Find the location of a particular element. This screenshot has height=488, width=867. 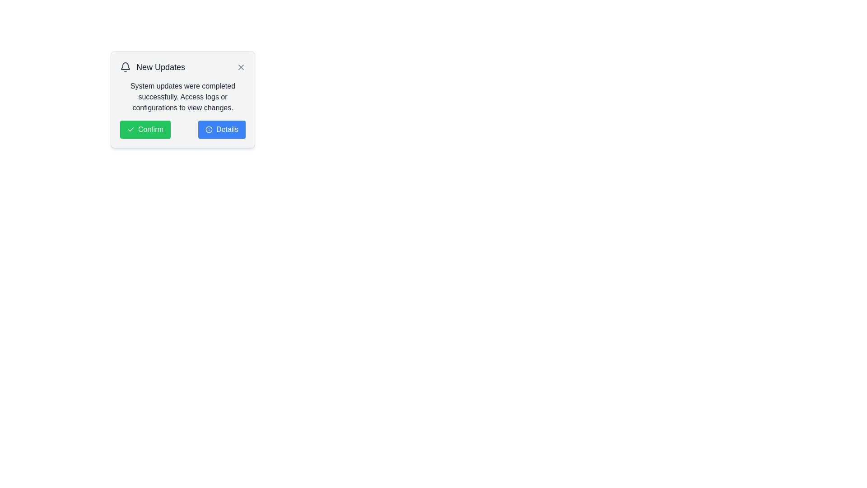

the notification icon located at the top left corner of the notification box, next to the text 'New Updates' is located at coordinates (125, 67).